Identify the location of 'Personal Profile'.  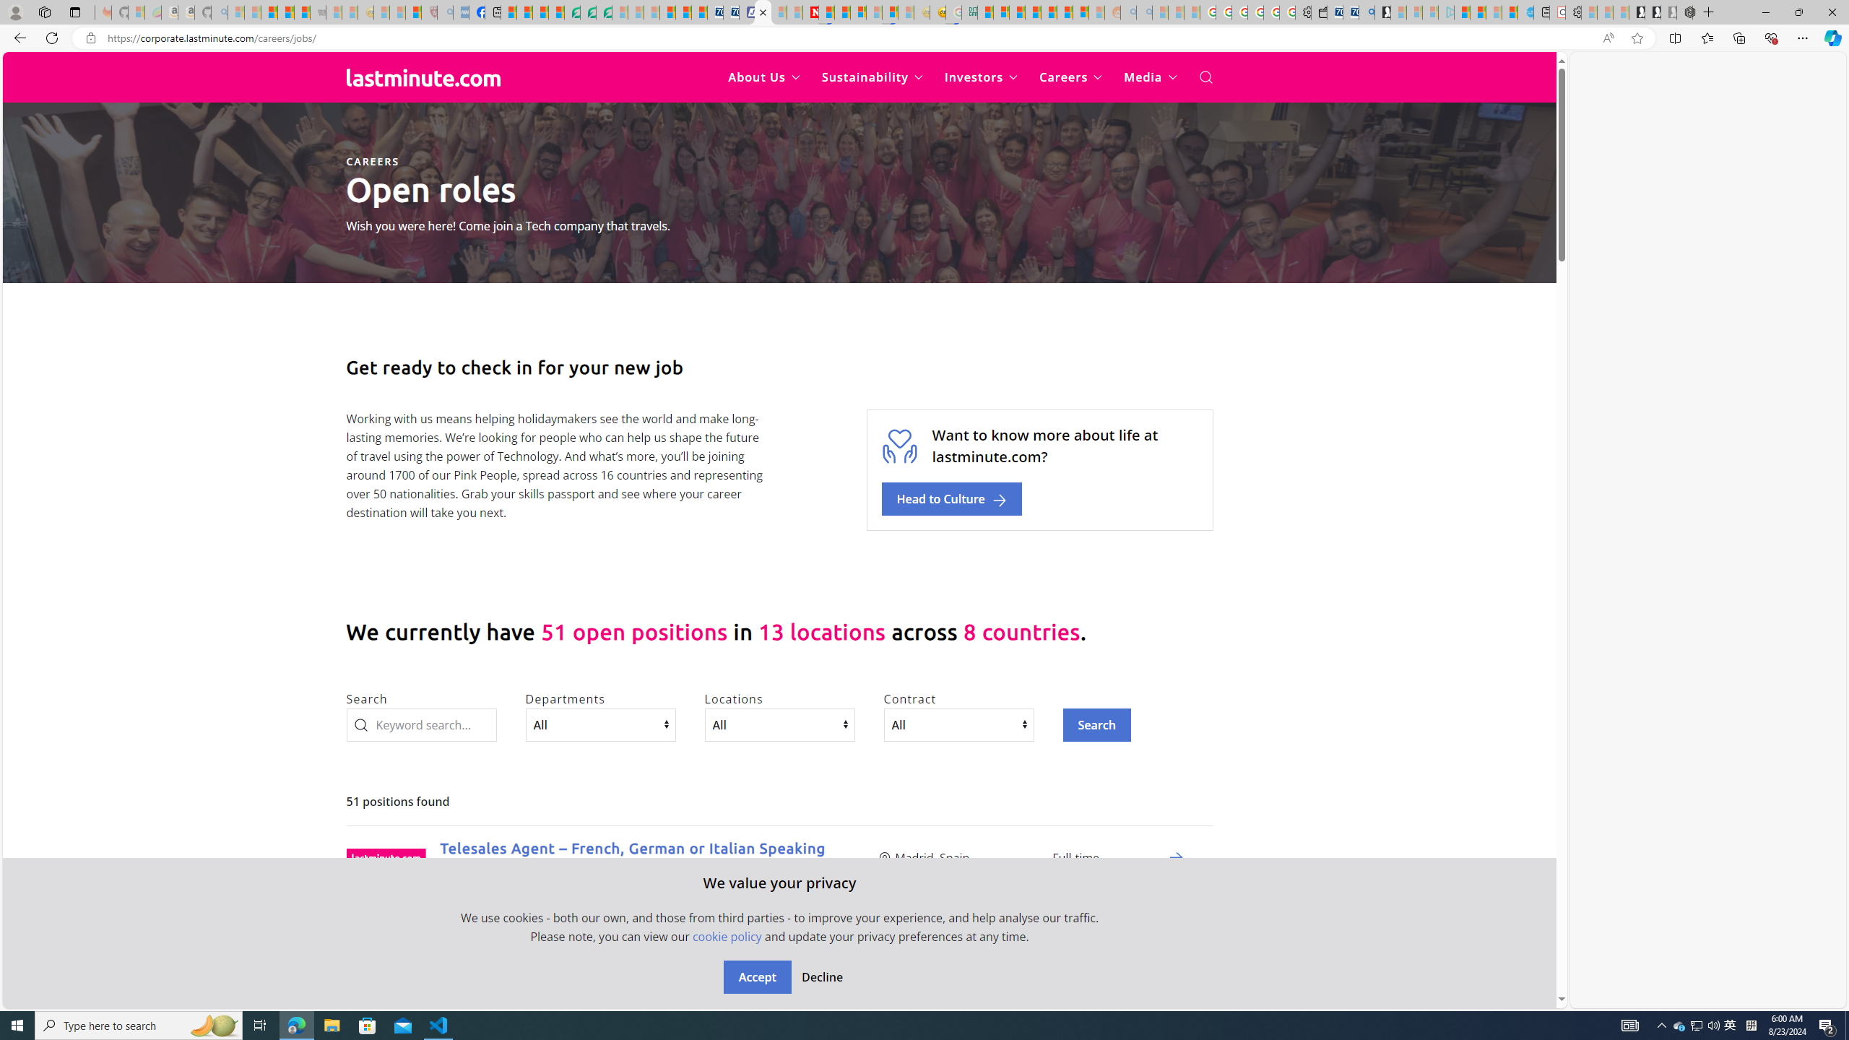
(14, 12).